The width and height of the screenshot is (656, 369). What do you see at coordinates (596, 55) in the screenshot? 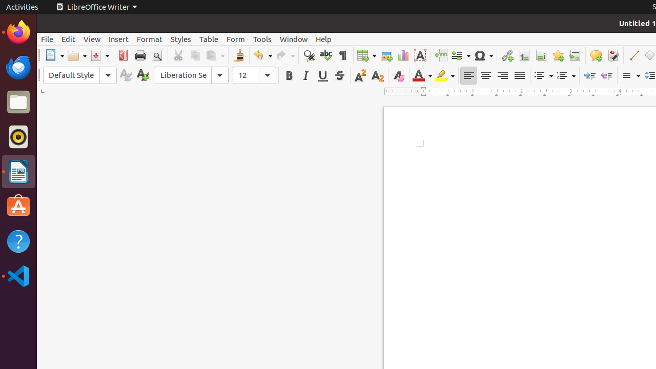
I see `'Comment'` at bounding box center [596, 55].